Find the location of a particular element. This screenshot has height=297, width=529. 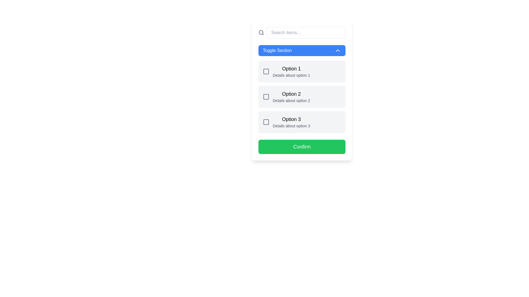

to select the checkbox in the list item labeled 'Option 2', which contains descriptive text about the option and is visually distinct with a light background is located at coordinates (286, 96).